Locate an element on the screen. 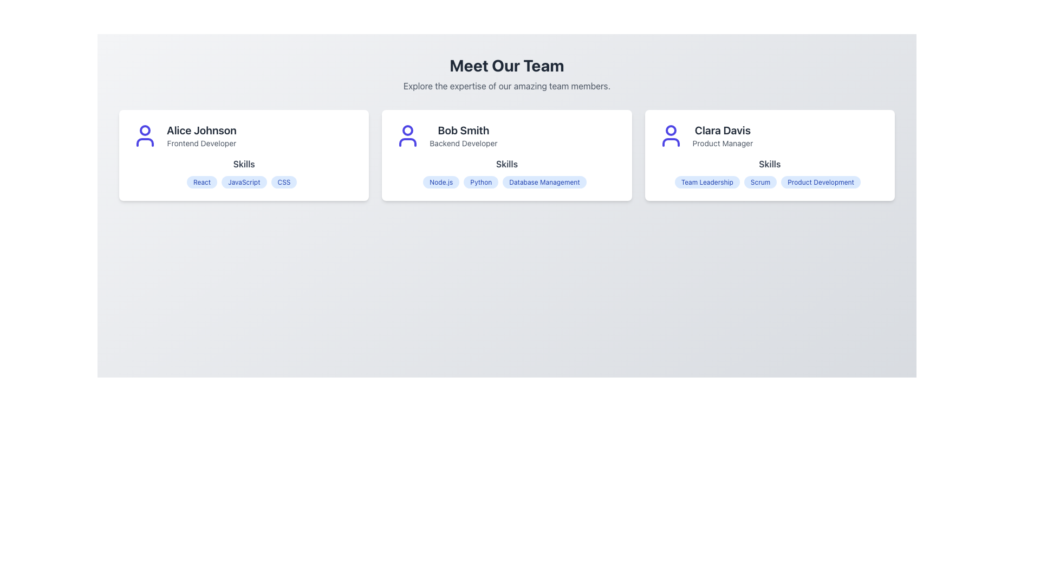 This screenshot has height=585, width=1040. the text label that introduces the skills listed below it within the card labeled 'Bob Smith', which is centrally located above the tags 'Node.js', 'Python', and 'Database Management' is located at coordinates (506, 164).